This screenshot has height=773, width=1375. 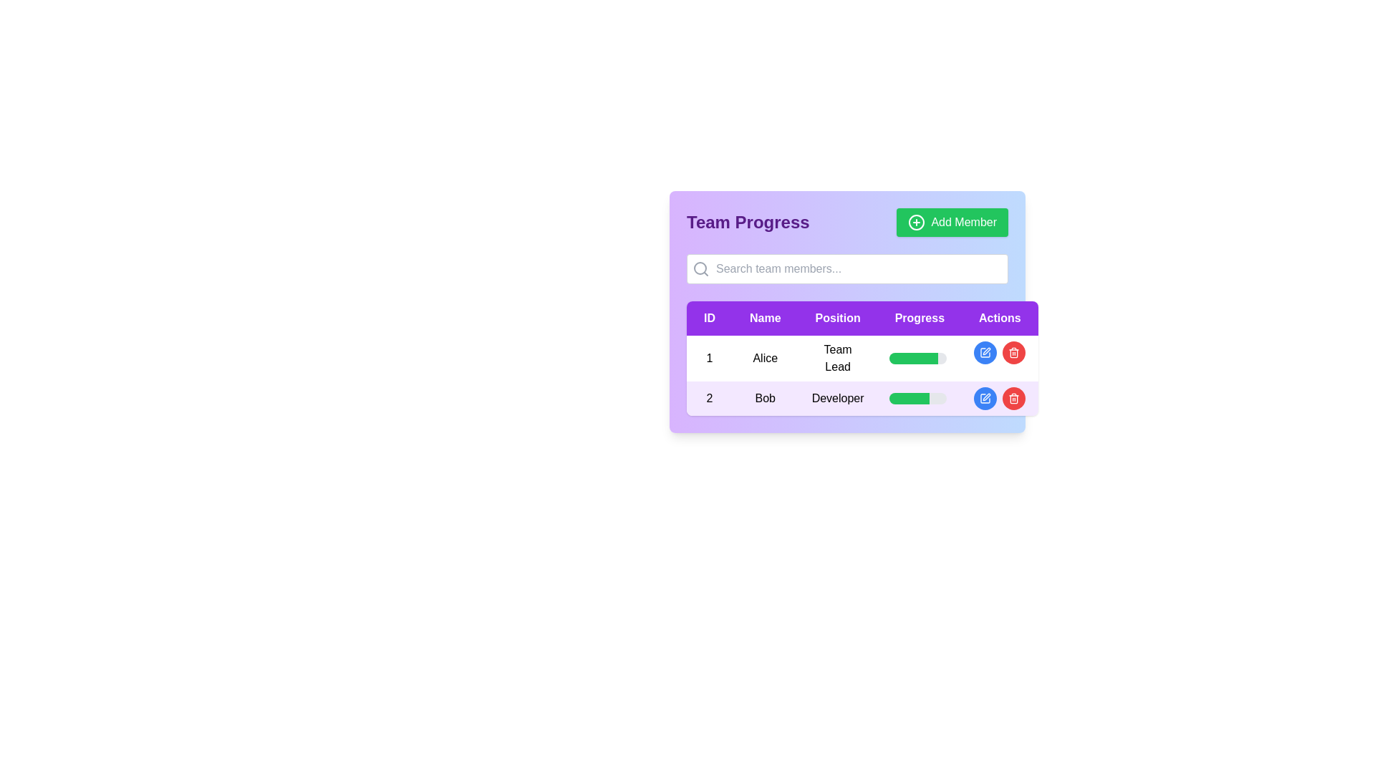 What do you see at coordinates (862, 398) in the screenshot?
I see `the second row in the table labeled '2 Bob Developer', which is located directly below '1 Alice Team Lead'` at bounding box center [862, 398].